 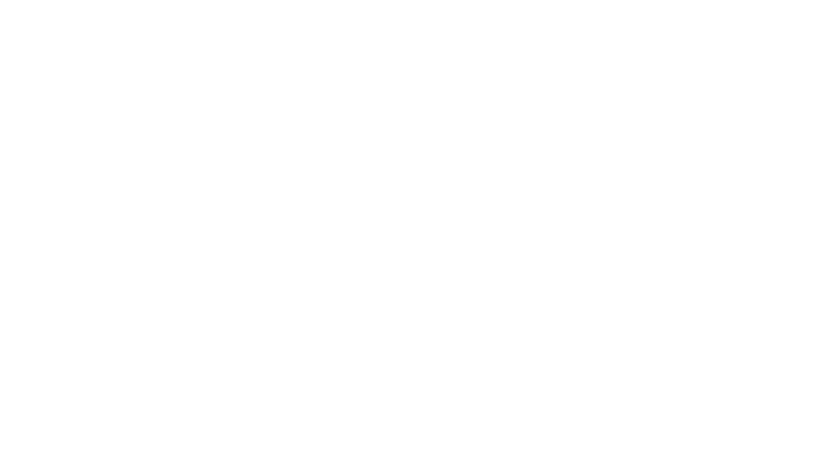 I want to click on 'This year we embarked on planting a perry orchard at the front of the farm covering 2.5acres with bush perry pears (about 500 trees) of 10 varieties including Helens Early, Hendre Huffcap, Gin, Blakney Red, Thorn and more. We have also planted 1acre of full standard apple trees in', so click(x=278, y=357).